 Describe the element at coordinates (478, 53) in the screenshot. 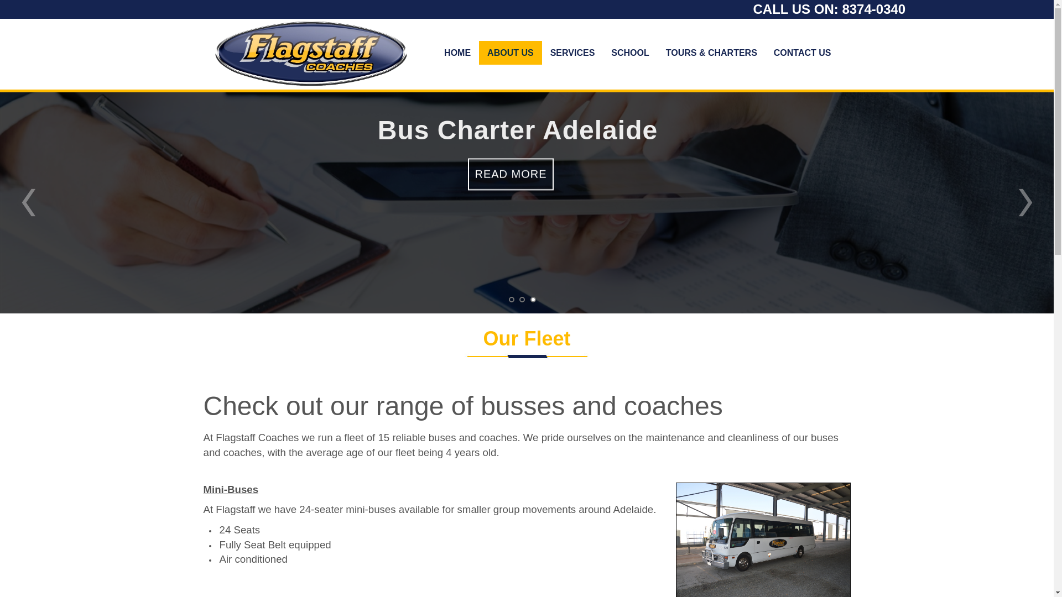

I see `'ABOUT US'` at that location.